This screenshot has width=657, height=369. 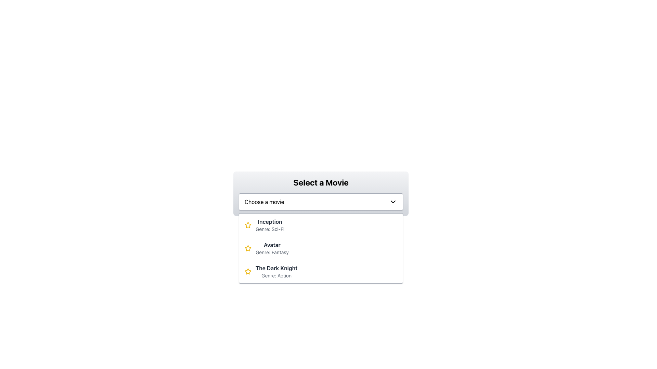 What do you see at coordinates (272, 248) in the screenshot?
I see `the text display element that shows the movie title 'Avatar' and its genre 'Genre: Fantasy', which is styled with distinct font styles and colors, located as the second item in a vertical list of movies within a dropdown interface` at bounding box center [272, 248].